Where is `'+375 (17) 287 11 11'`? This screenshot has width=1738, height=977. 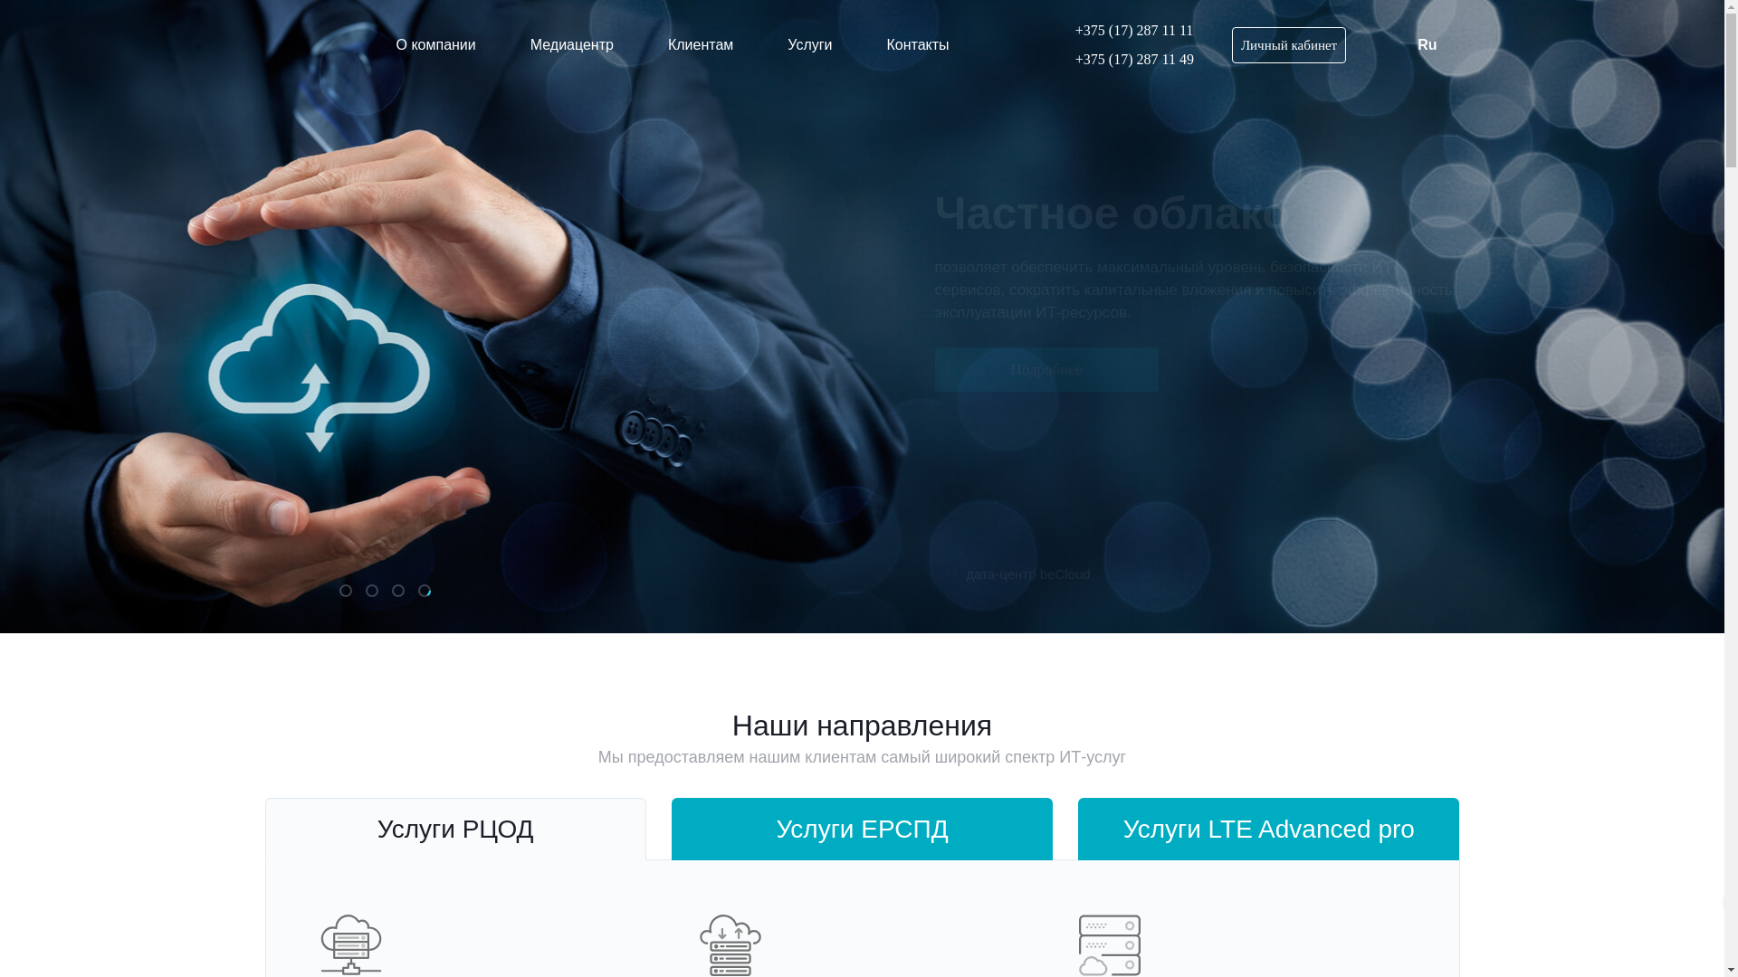
'+375 (17) 287 11 11' is located at coordinates (1123, 31).